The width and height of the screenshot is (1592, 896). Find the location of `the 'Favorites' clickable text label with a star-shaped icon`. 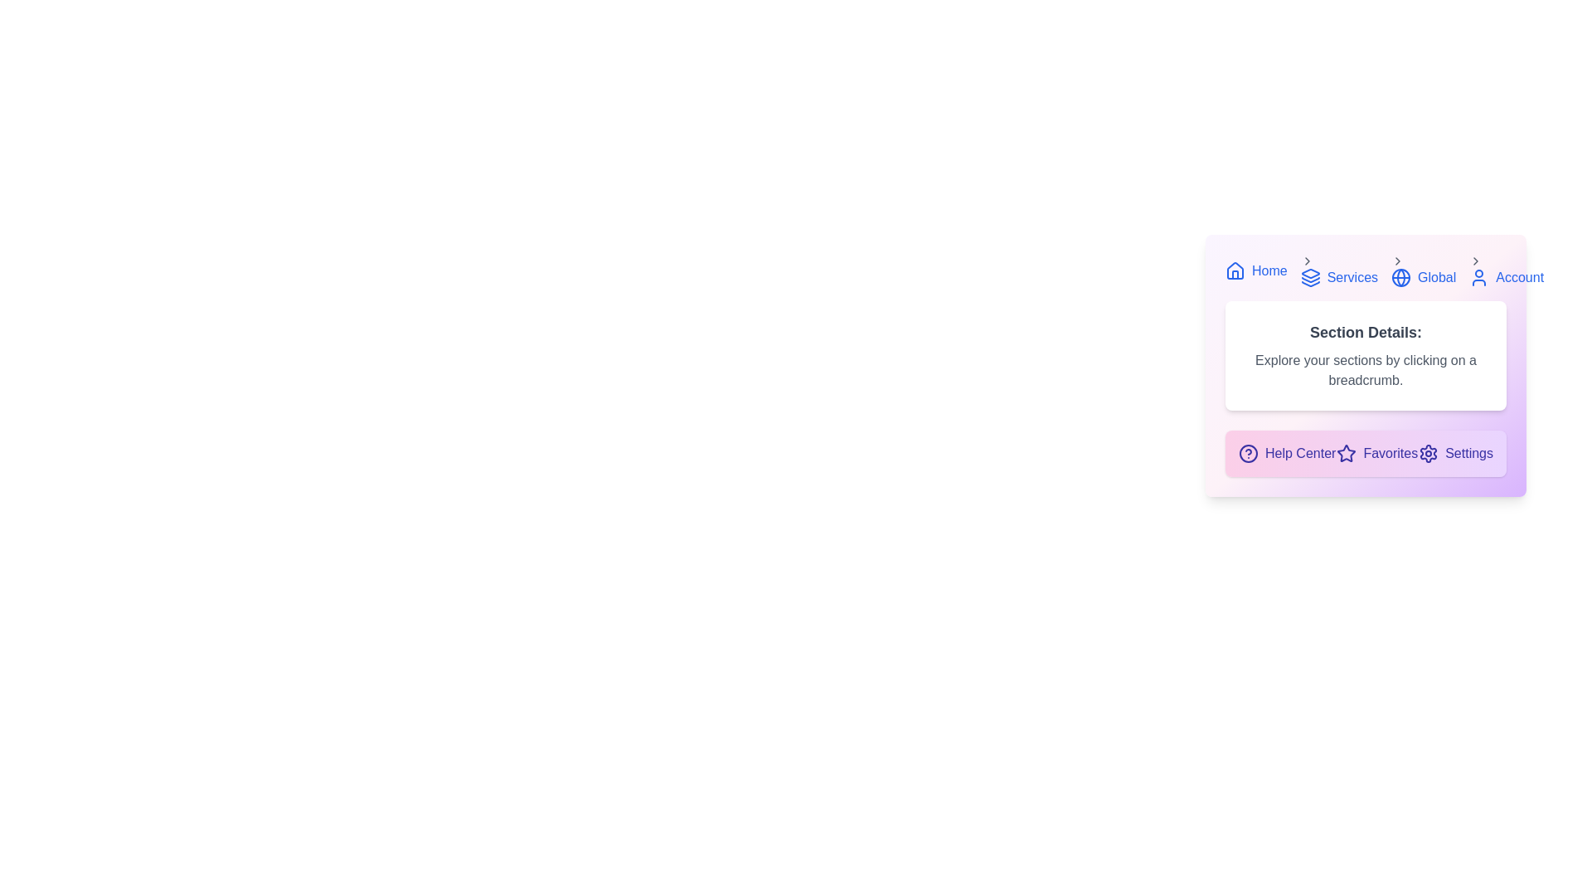

the 'Favorites' clickable text label with a star-shaped icon is located at coordinates (1377, 454).